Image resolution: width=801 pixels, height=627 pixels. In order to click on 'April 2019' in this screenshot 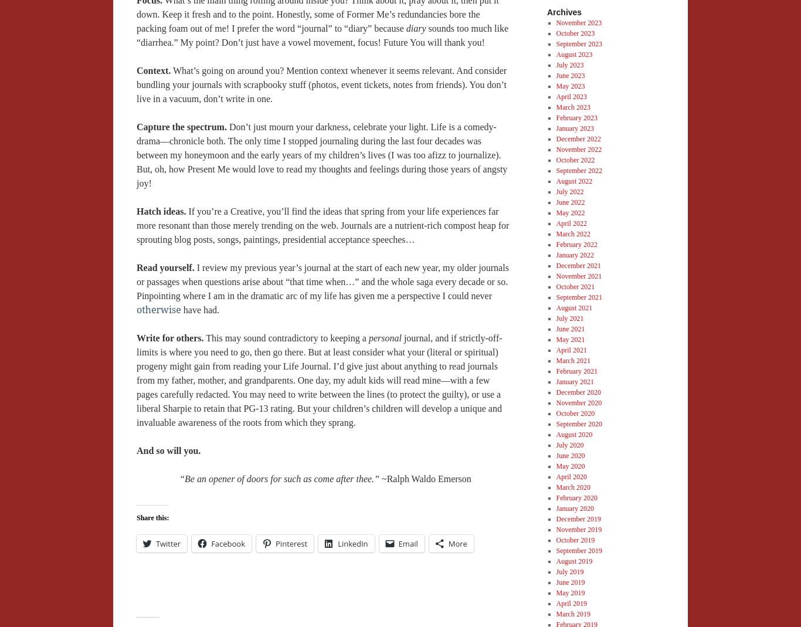, I will do `click(571, 602)`.